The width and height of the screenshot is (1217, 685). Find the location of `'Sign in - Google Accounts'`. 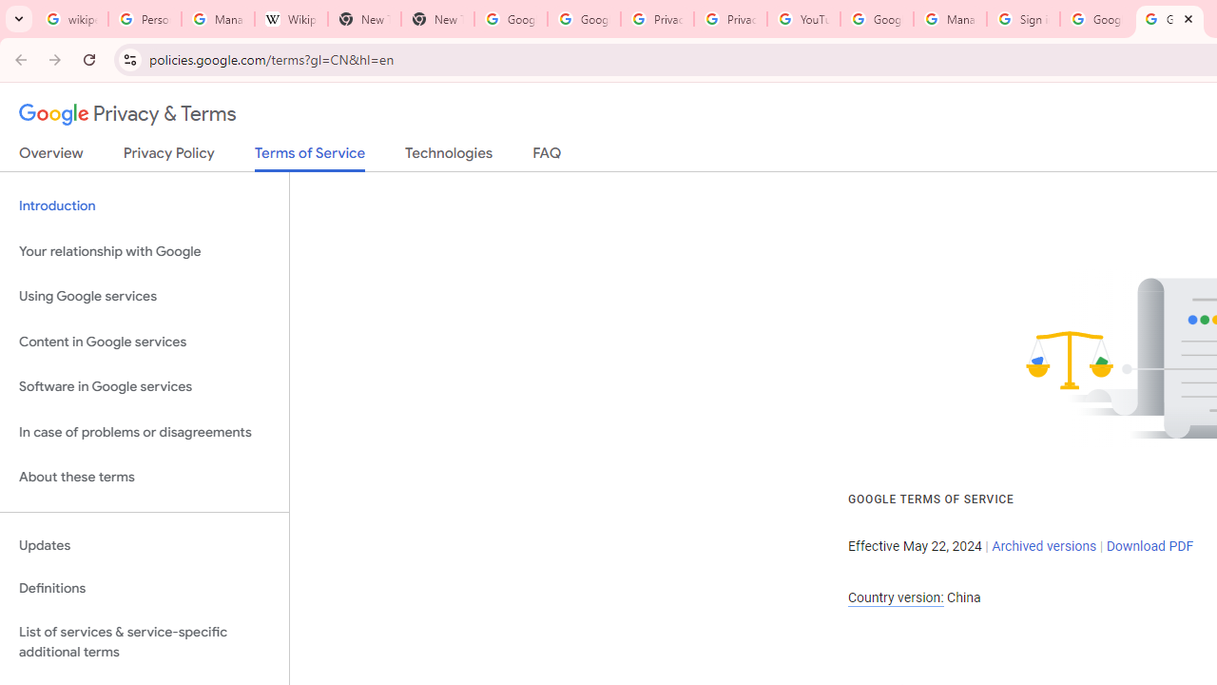

'Sign in - Google Accounts' is located at coordinates (1022, 19).